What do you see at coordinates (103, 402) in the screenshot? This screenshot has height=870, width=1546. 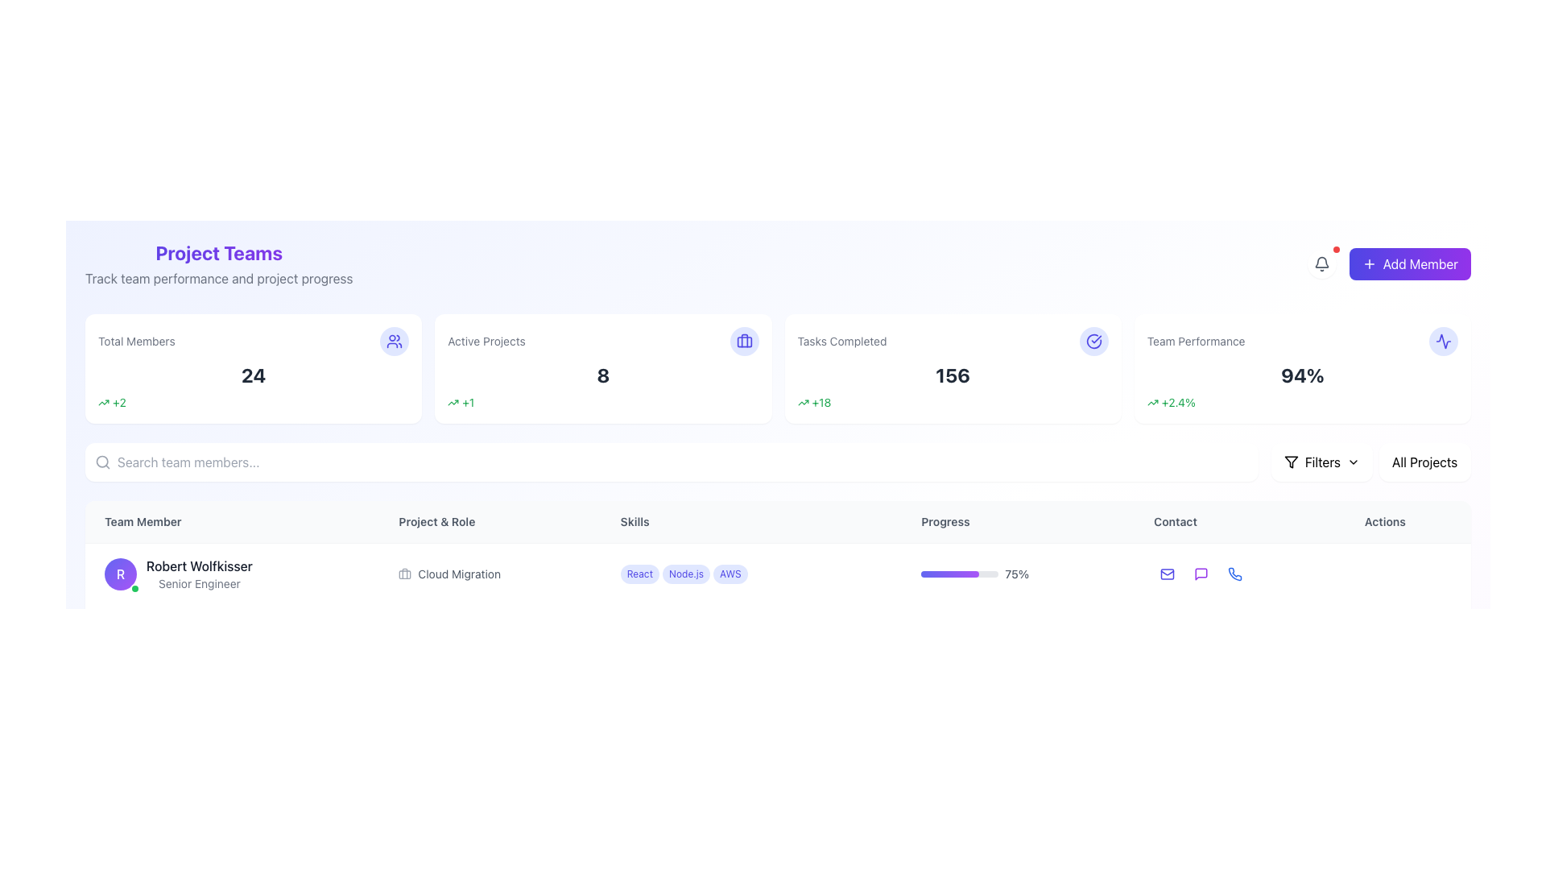 I see `the icon indicating an increase in the 'Total Members' metric, located below the number '24' and to the left of the green '+2' text indicator` at bounding box center [103, 402].